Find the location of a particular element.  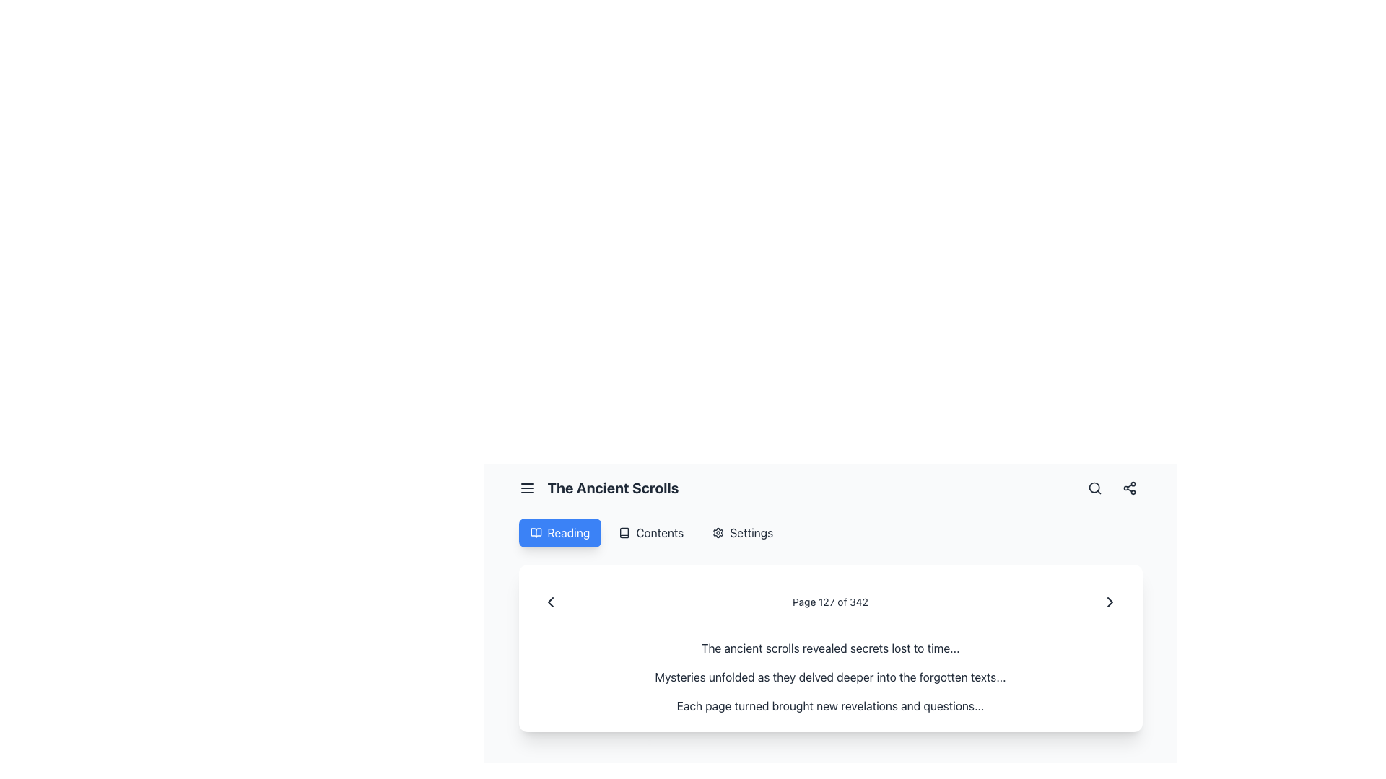

the 'Settings' text label located in the top-right area below the title 'The Ancient Scrolls' is located at coordinates (751, 533).